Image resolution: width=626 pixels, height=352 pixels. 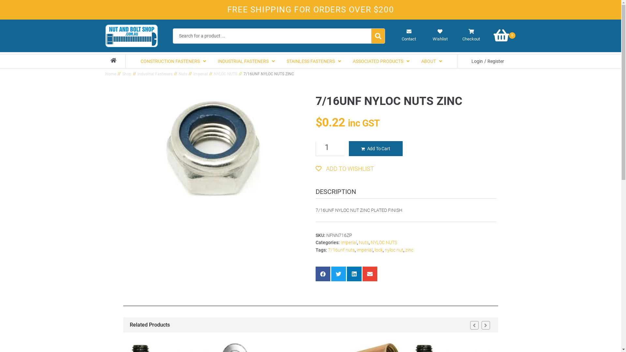 What do you see at coordinates (341, 250) in the screenshot?
I see `'7/16unf nuts'` at bounding box center [341, 250].